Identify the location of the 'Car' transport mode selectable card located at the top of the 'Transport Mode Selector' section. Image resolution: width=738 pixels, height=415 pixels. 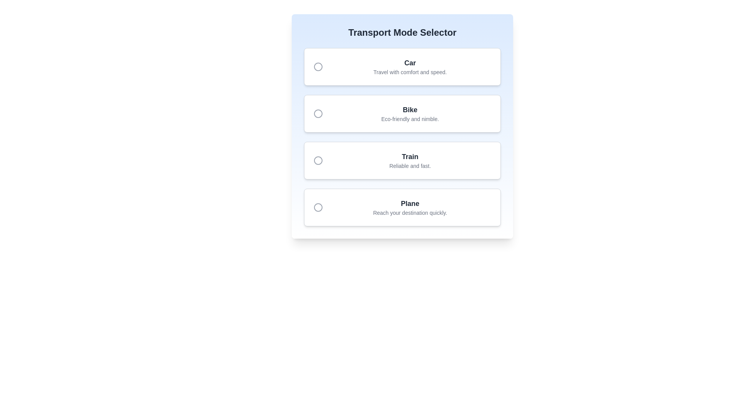
(402, 66).